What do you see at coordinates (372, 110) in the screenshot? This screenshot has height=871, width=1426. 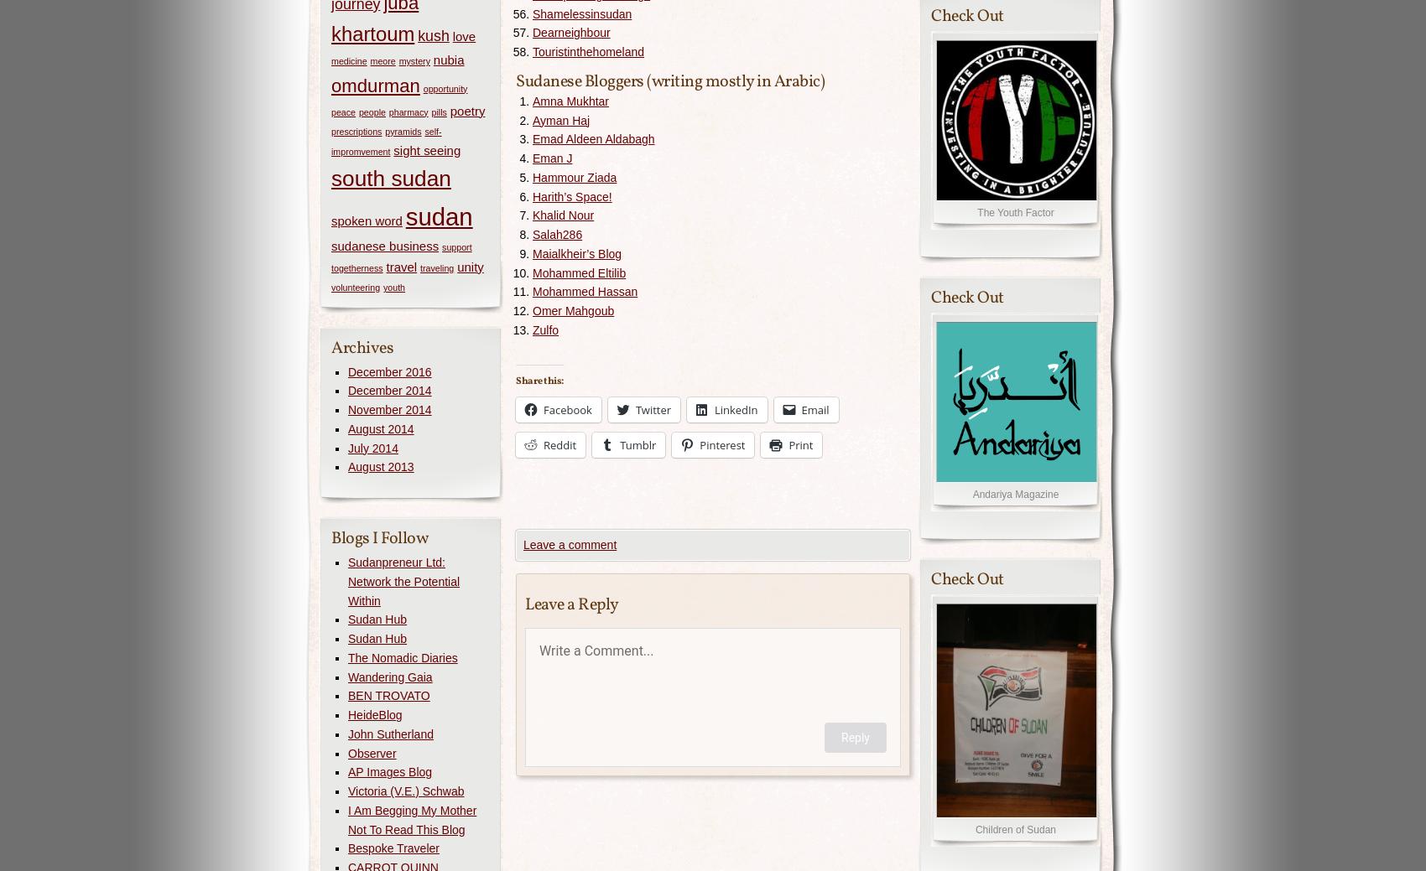 I see `'people'` at bounding box center [372, 110].